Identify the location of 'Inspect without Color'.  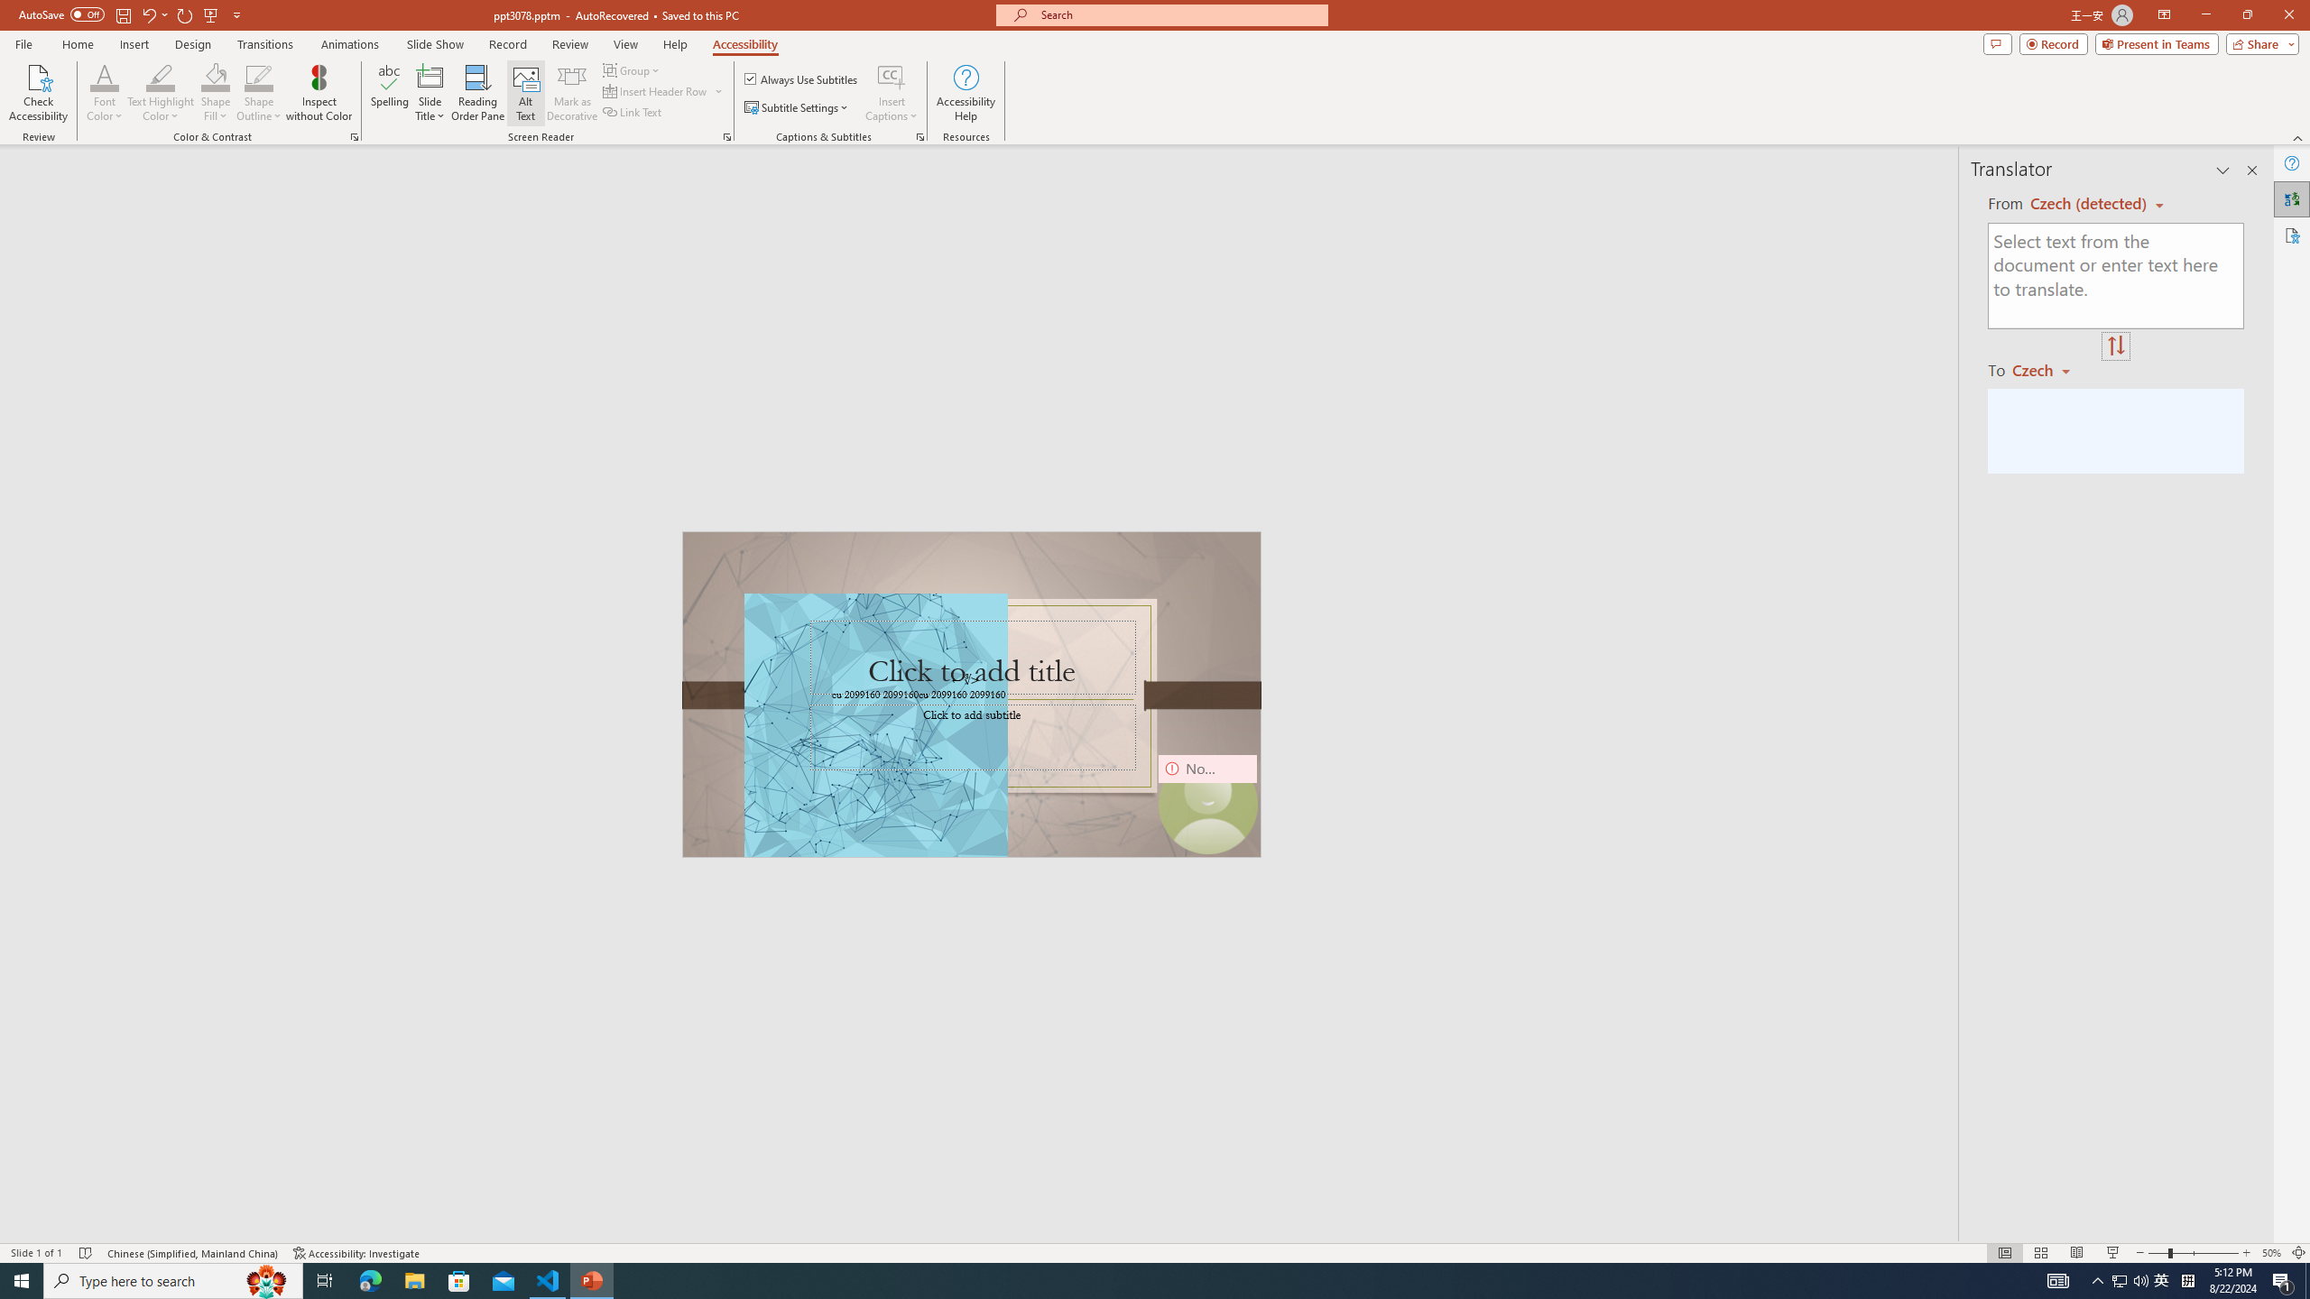
(319, 93).